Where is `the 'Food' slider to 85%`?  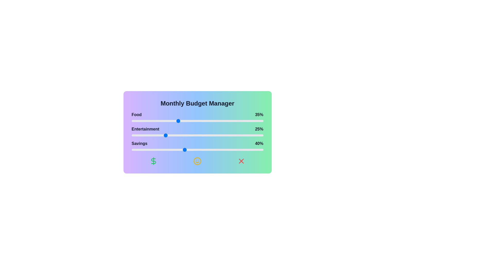
the 'Food' slider to 85% is located at coordinates (243, 121).